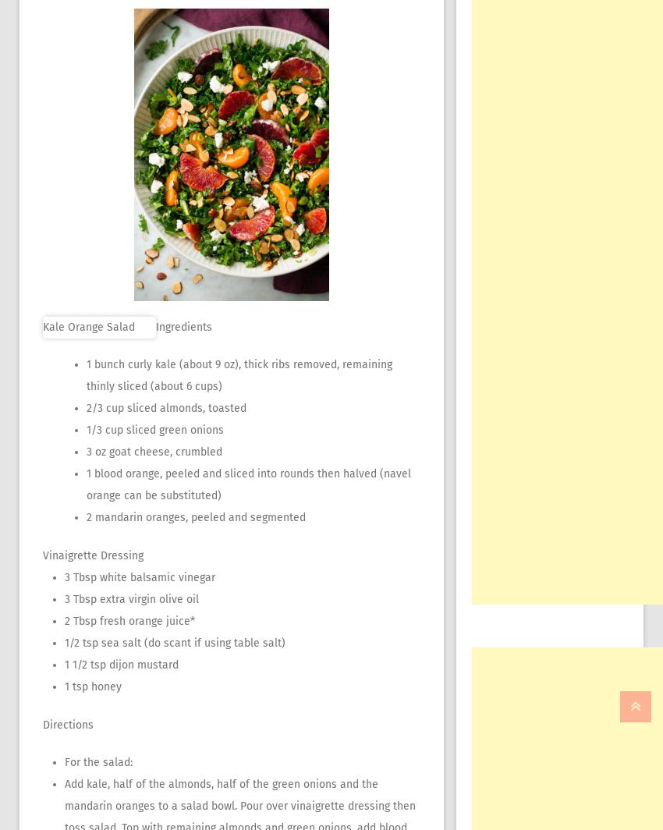 The height and width of the screenshot is (830, 663). I want to click on '2/3 cup sliced almonds, toasted', so click(165, 408).